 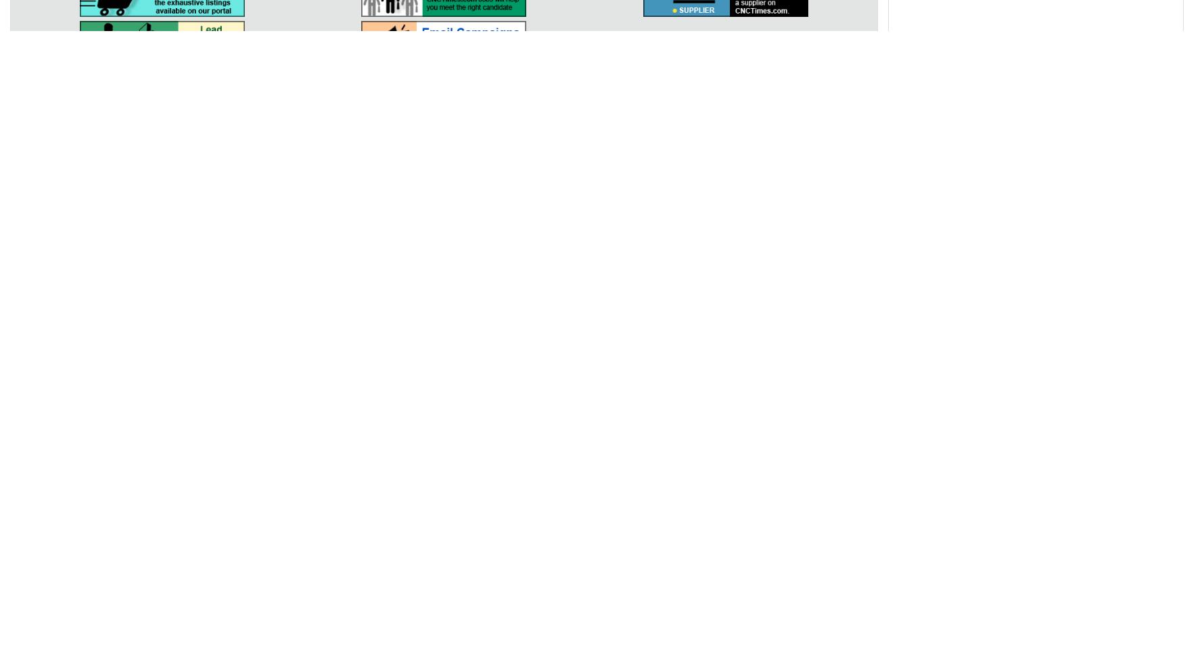 What do you see at coordinates (862, 642) in the screenshot?
I see `'Developed & Maintained by'` at bounding box center [862, 642].